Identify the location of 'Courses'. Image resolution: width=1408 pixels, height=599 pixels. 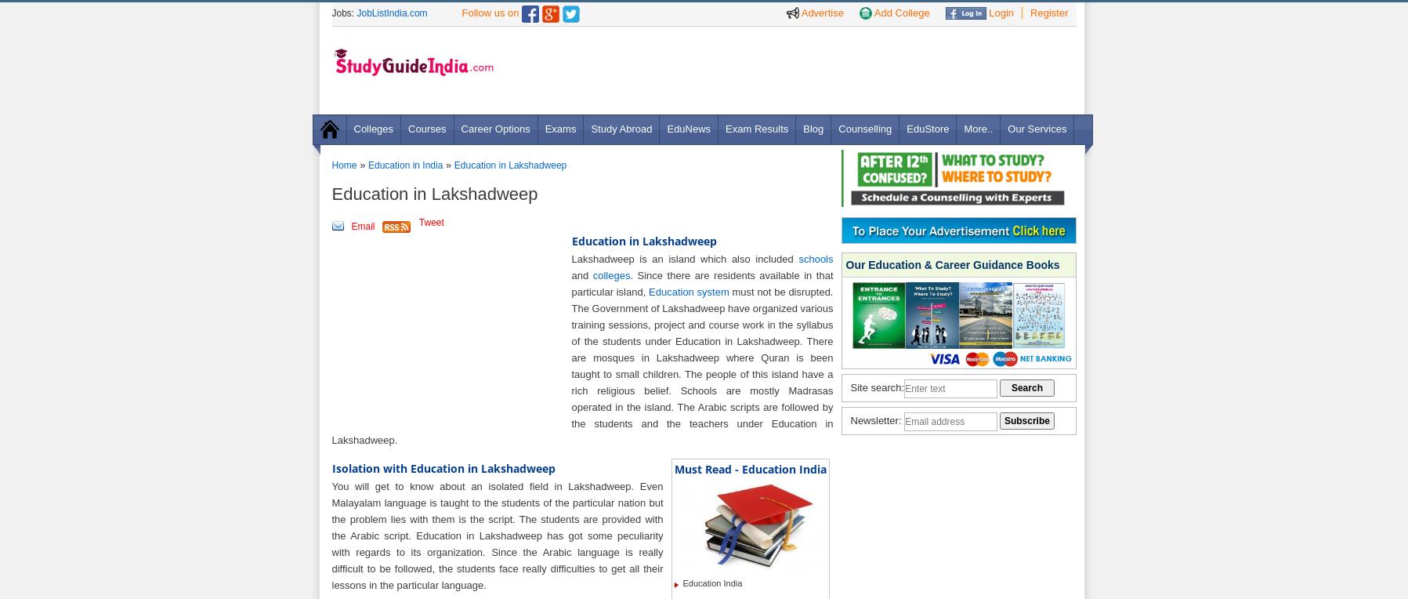
(427, 129).